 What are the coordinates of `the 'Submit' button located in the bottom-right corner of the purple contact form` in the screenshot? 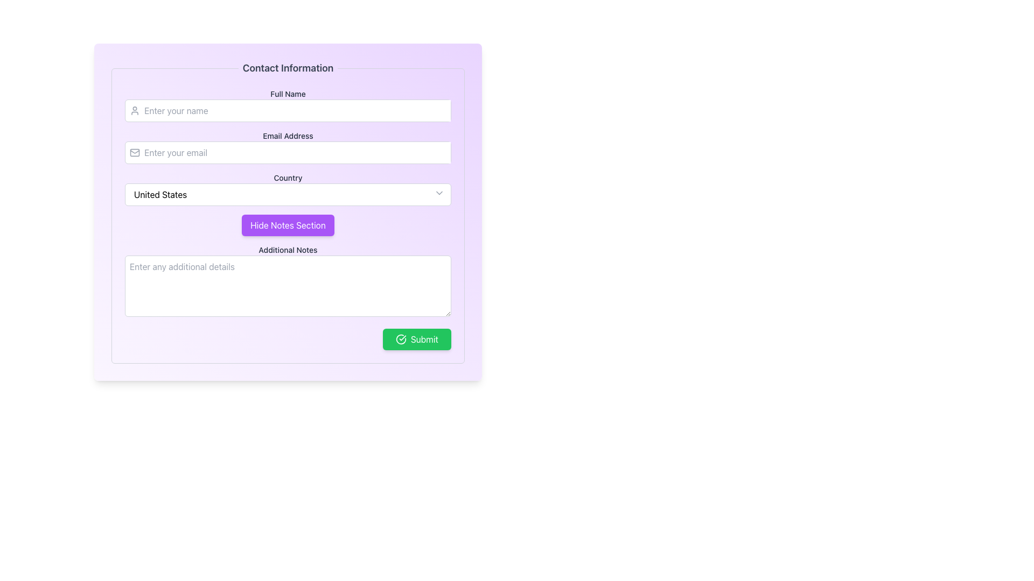 It's located at (416, 339).